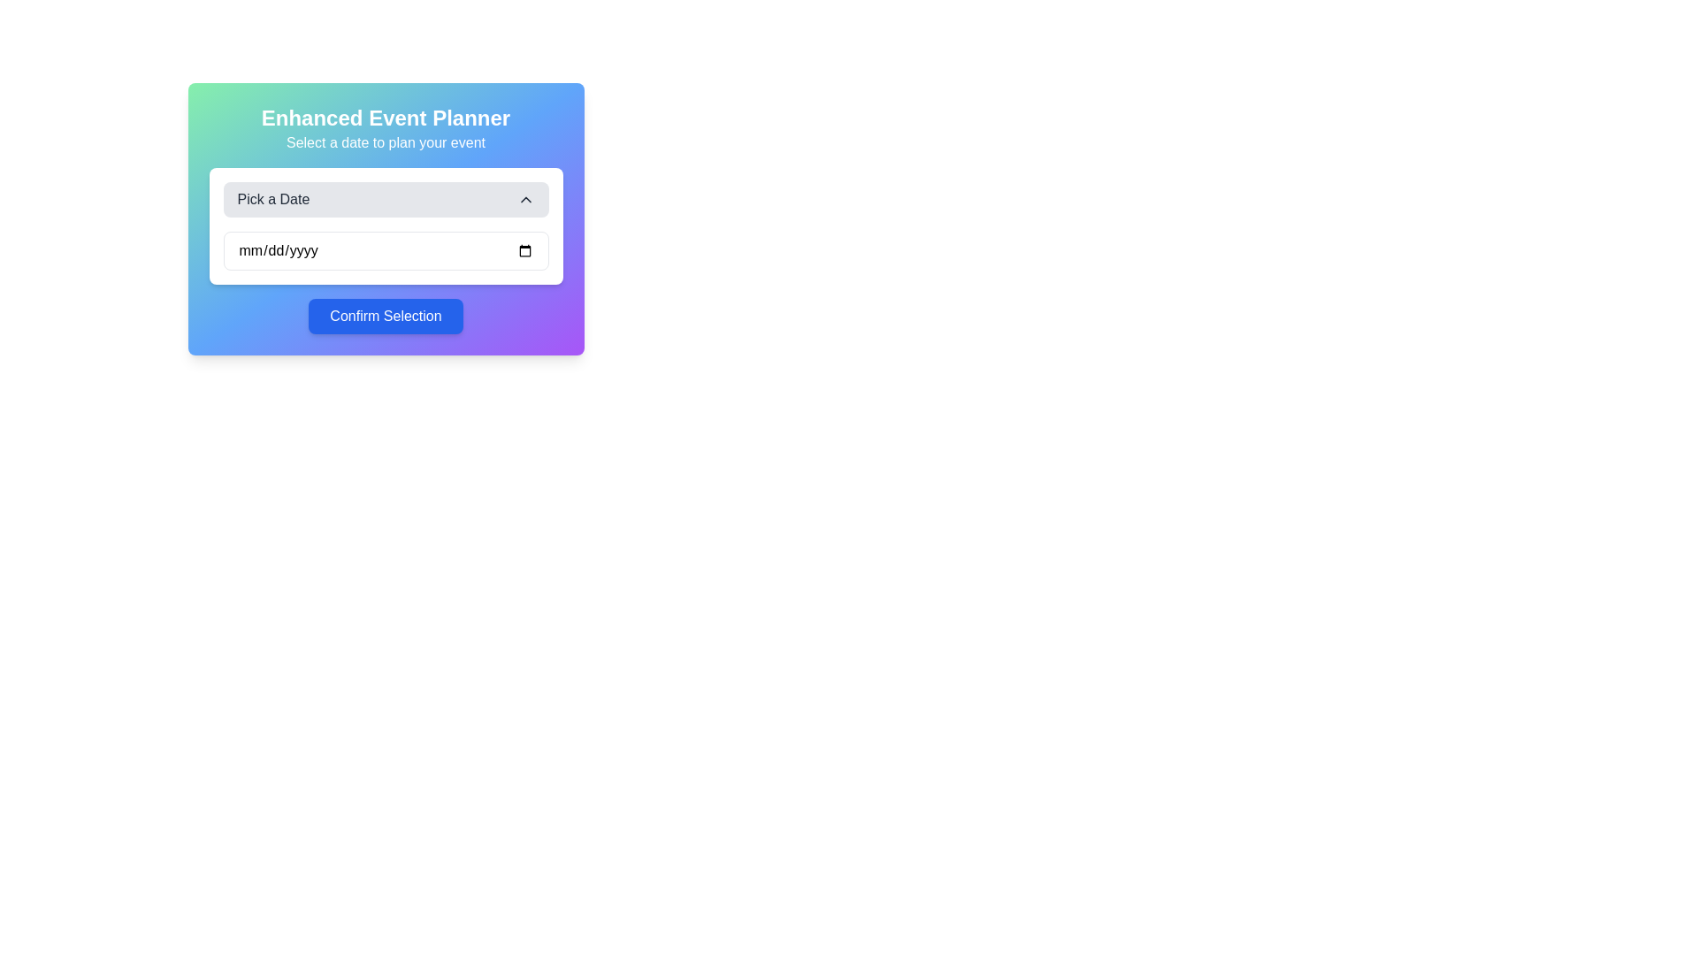 The image size is (1698, 955). What do you see at coordinates (272, 199) in the screenshot?
I see `the 'Pick a Date' text label within the dropdown selector located under the 'Enhanced Event Planner' header` at bounding box center [272, 199].